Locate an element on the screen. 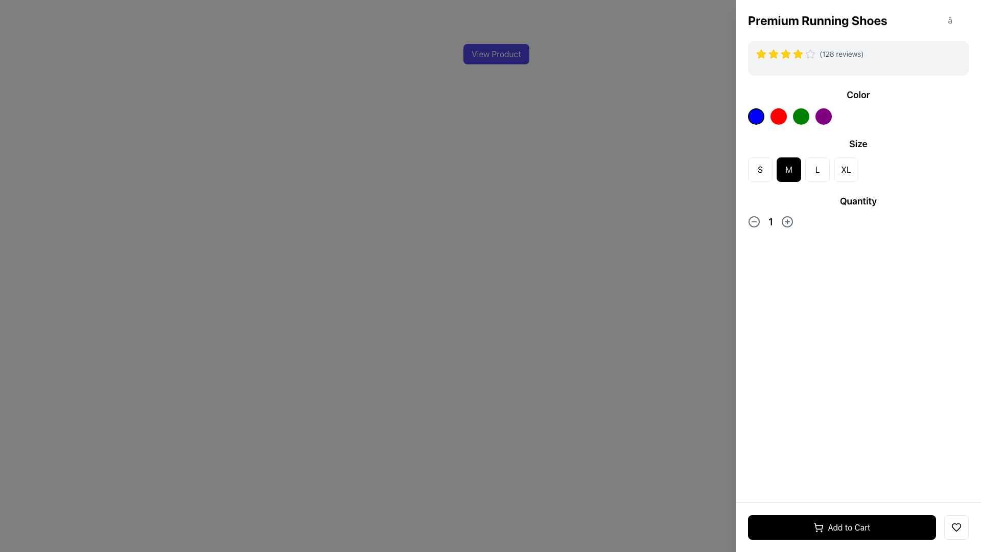 The image size is (981, 552). the text label displaying '(128 reviews)', styled with a gray font, located next to the star icons in the product details panel is located at coordinates (842, 54).